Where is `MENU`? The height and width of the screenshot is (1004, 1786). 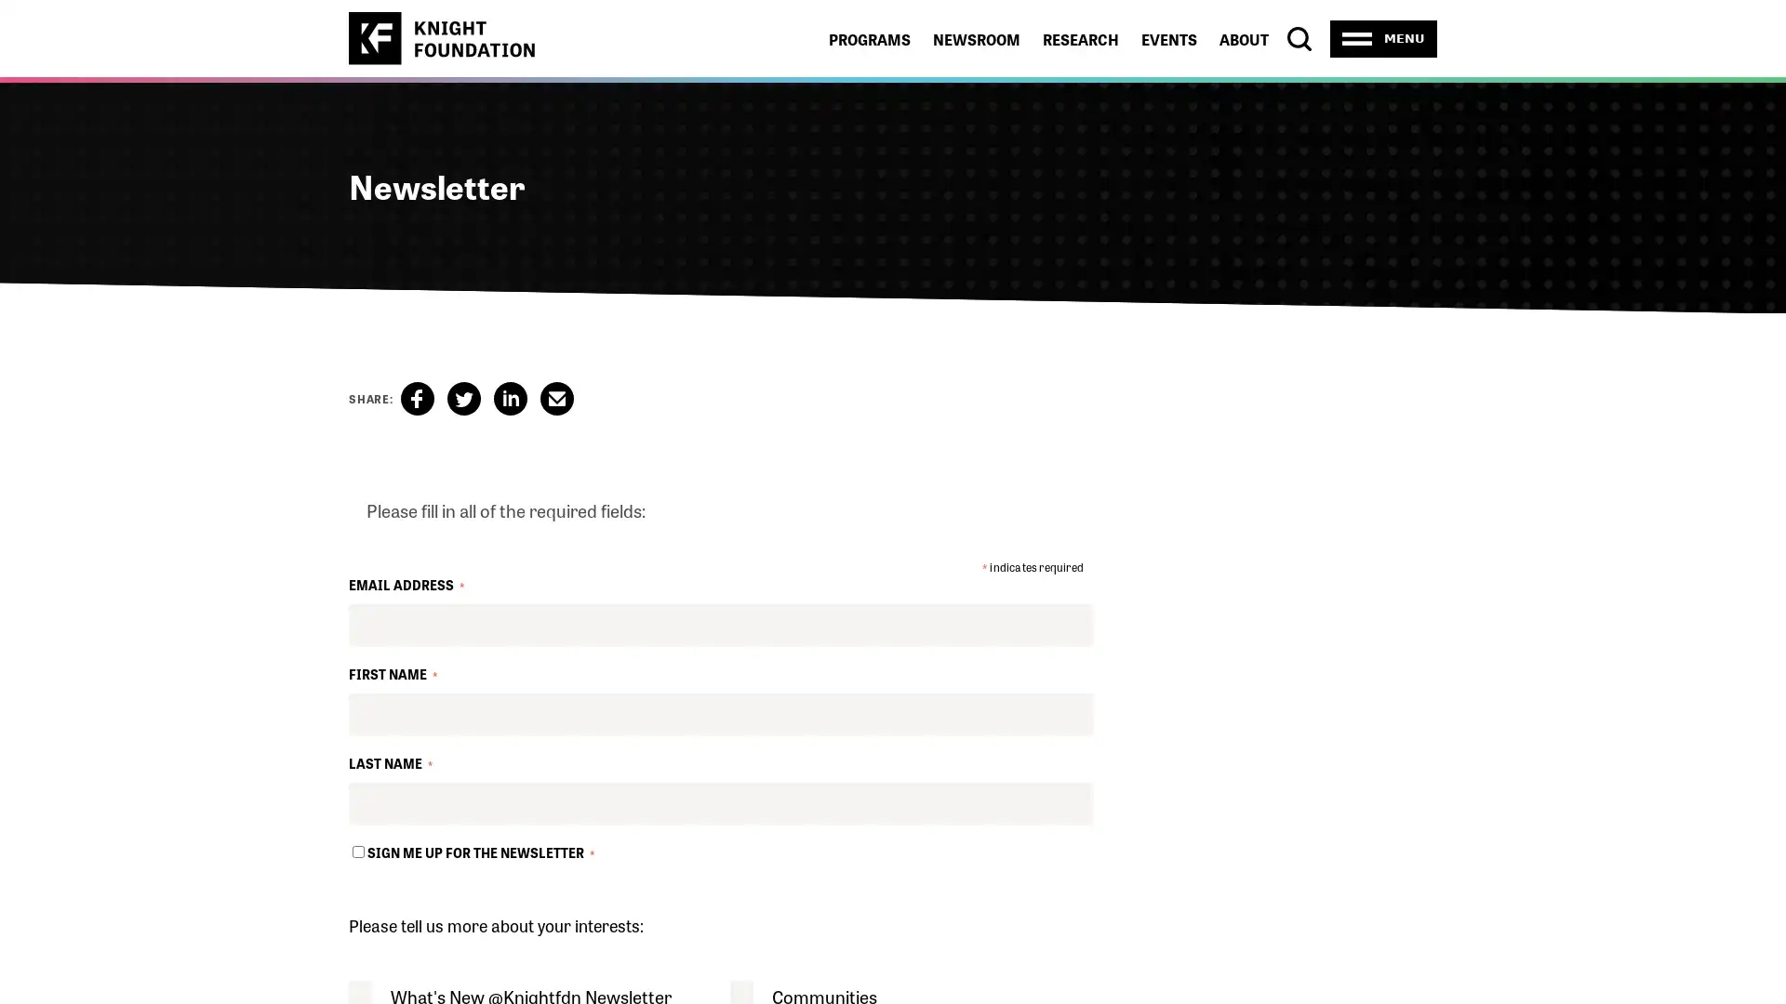
MENU is located at coordinates (1383, 38).